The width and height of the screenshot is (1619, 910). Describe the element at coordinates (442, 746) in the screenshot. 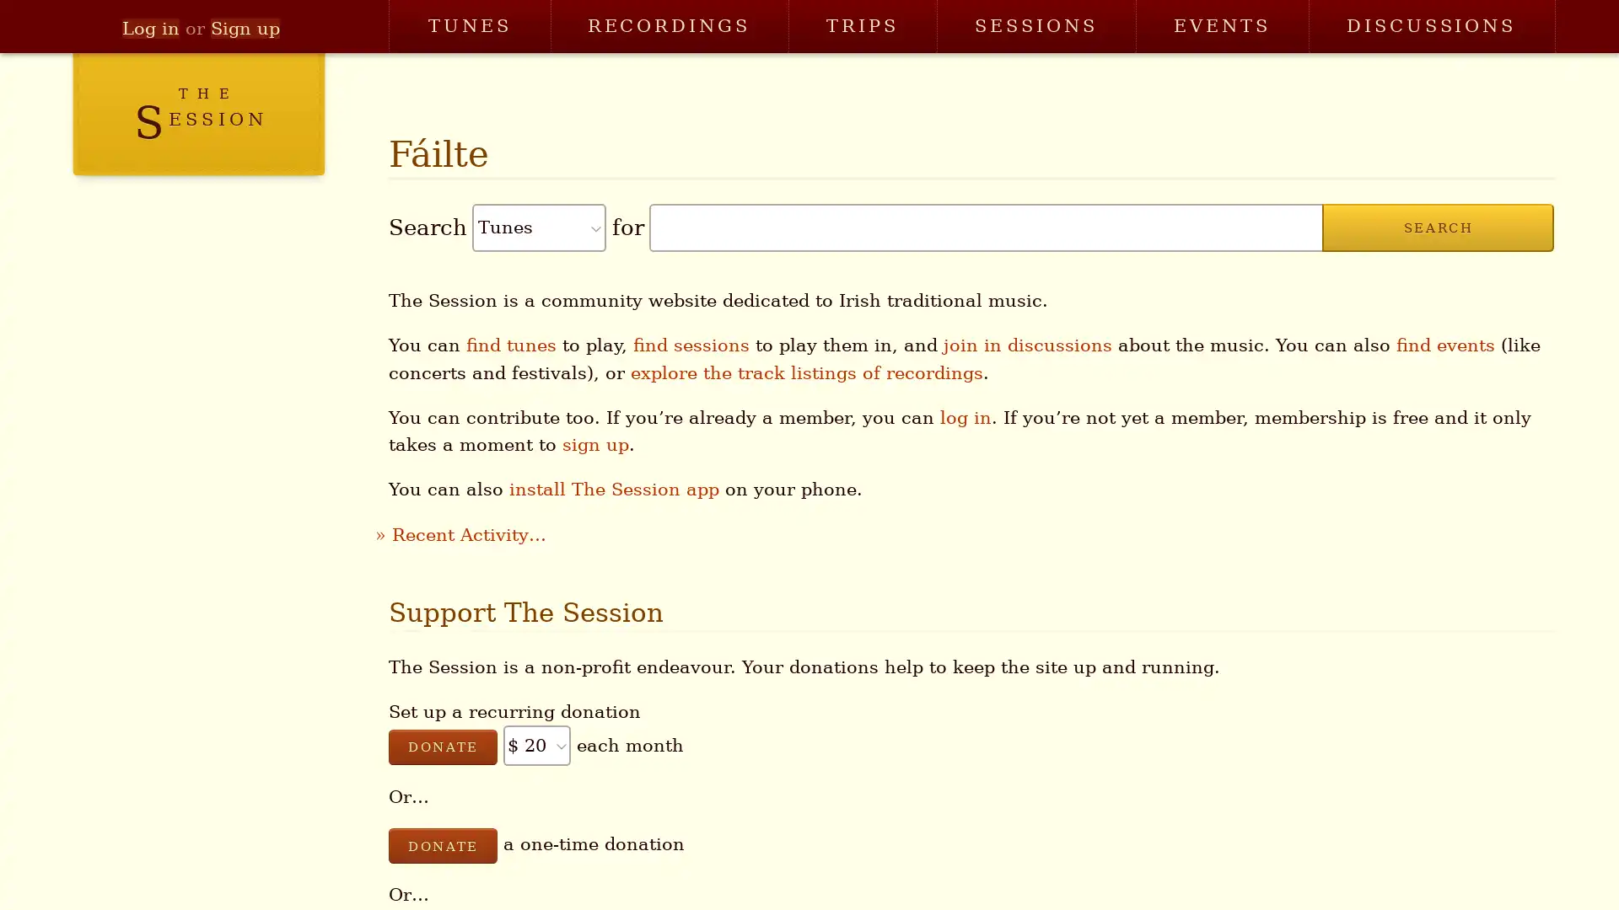

I see `donate` at that location.